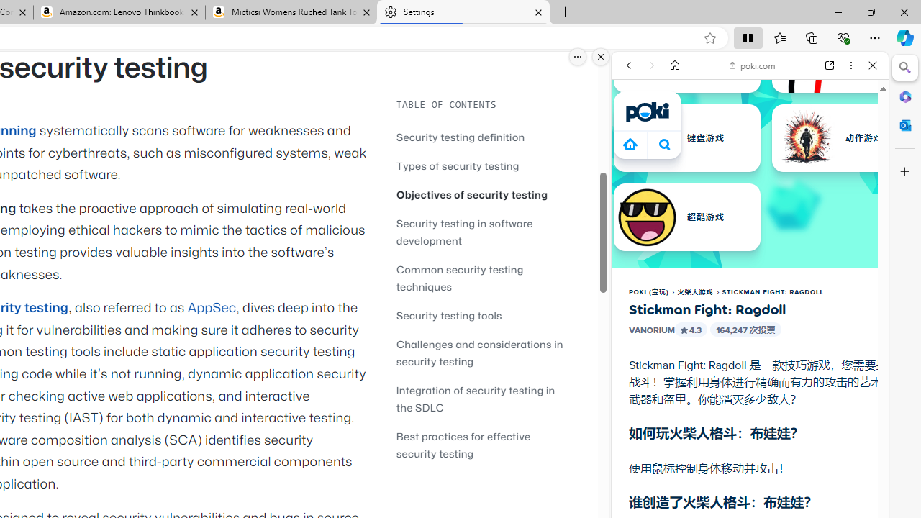 The image size is (921, 518). I want to click on 'poki.com', so click(752, 65).